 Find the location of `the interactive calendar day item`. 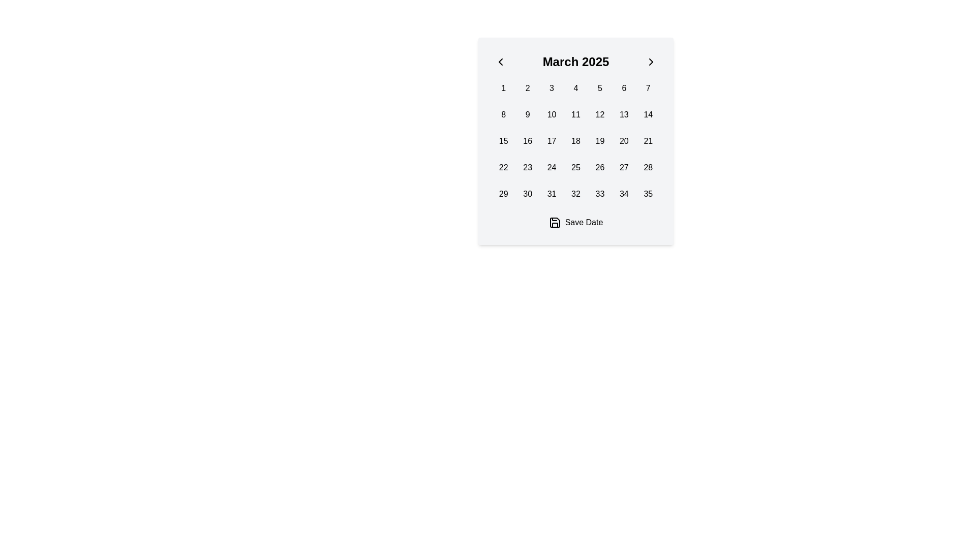

the interactive calendar day item is located at coordinates (575, 141).